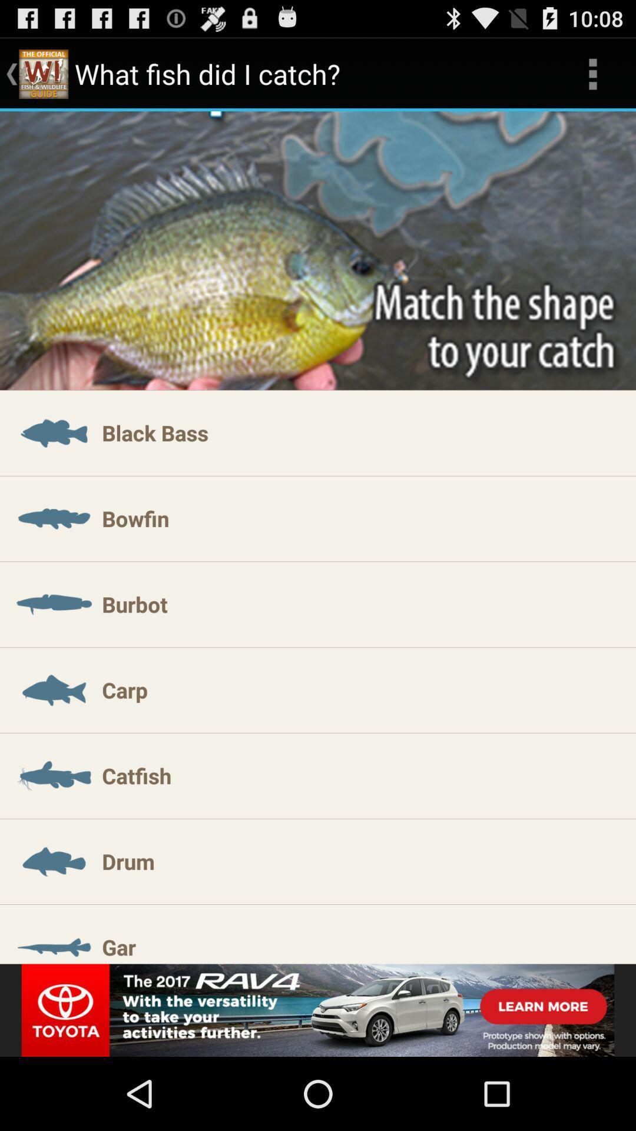 The image size is (636, 1131). What do you see at coordinates (318, 1010) in the screenshot?
I see `open advertisement` at bounding box center [318, 1010].